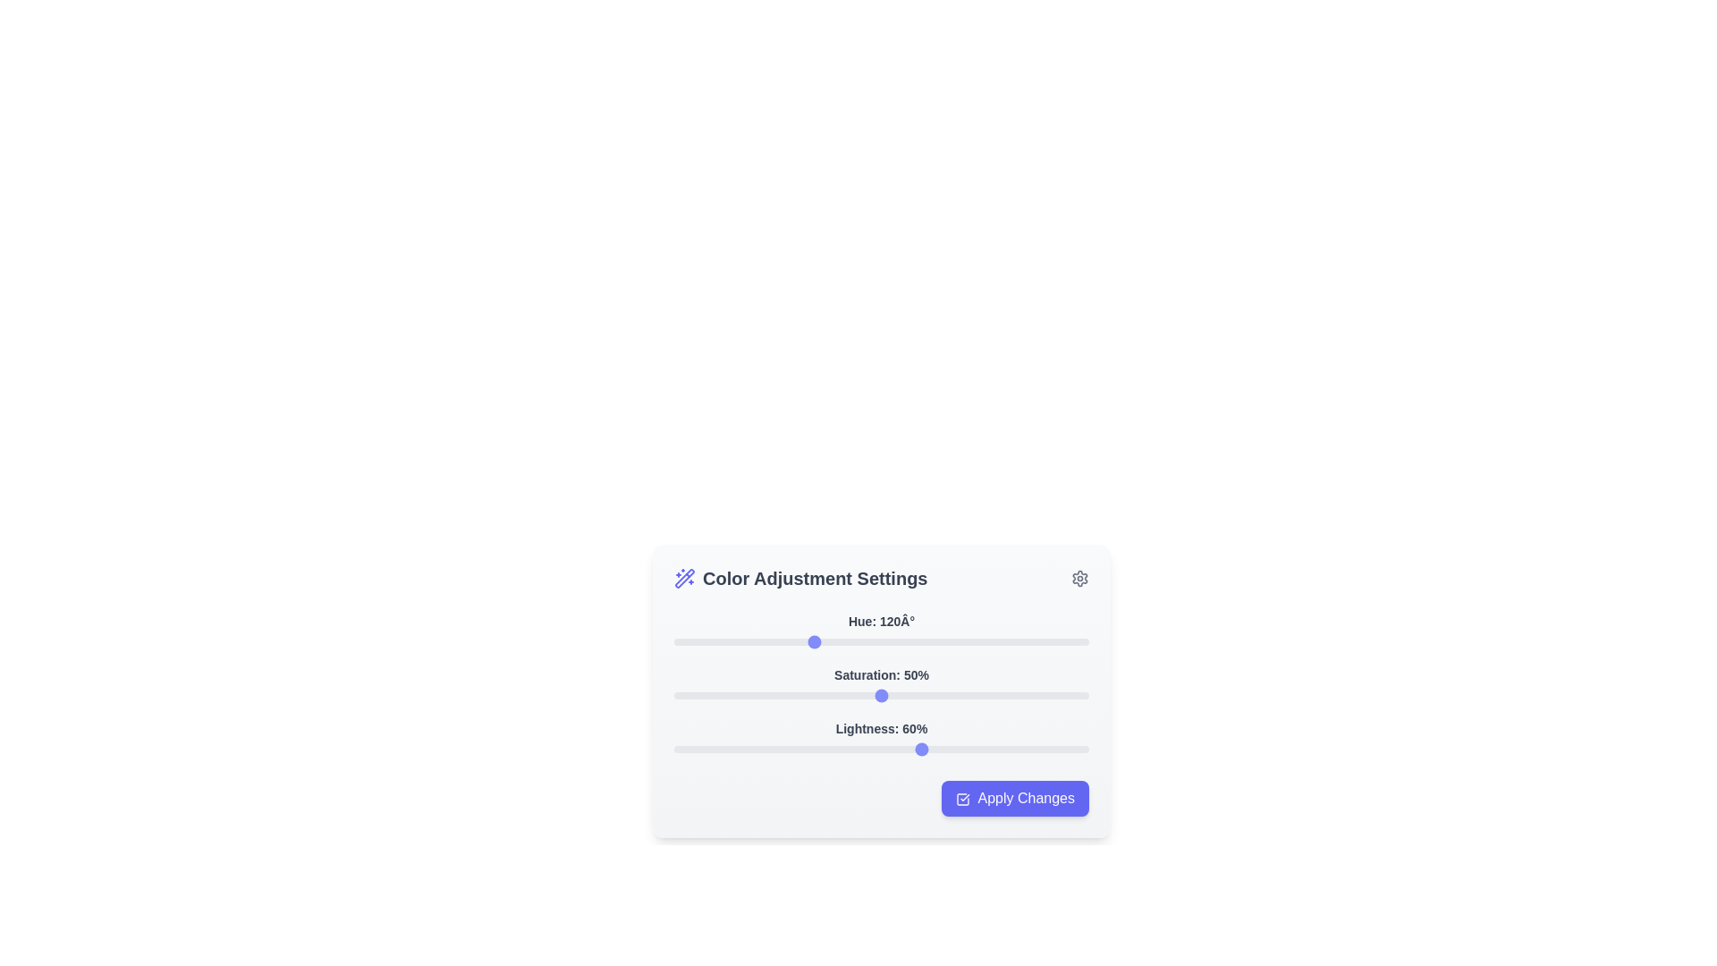 The height and width of the screenshot is (966, 1717). Describe the element at coordinates (771, 640) in the screenshot. I see `hue` at that location.